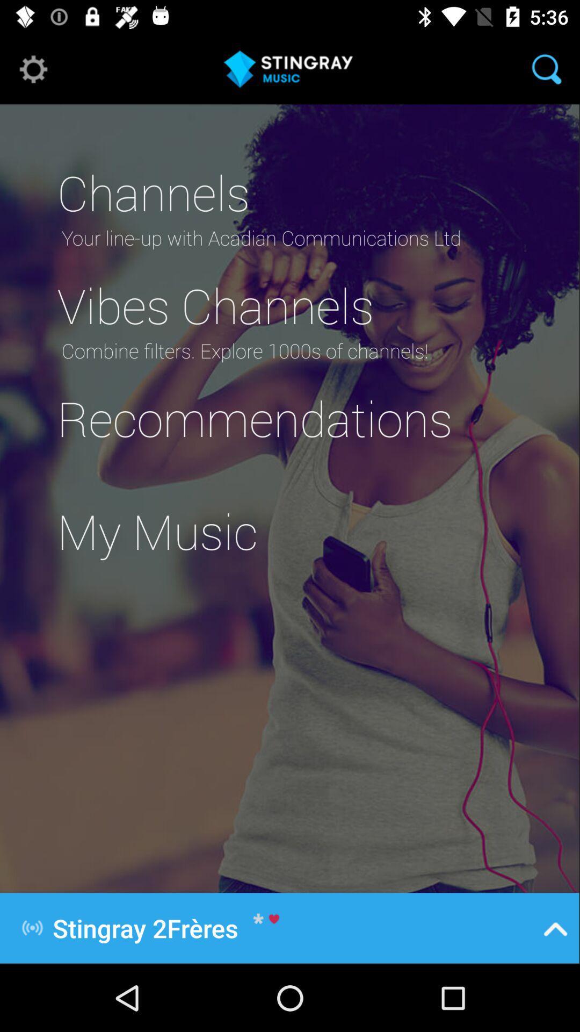 The width and height of the screenshot is (580, 1032). Describe the element at coordinates (555, 927) in the screenshot. I see `the expand_less icon` at that location.